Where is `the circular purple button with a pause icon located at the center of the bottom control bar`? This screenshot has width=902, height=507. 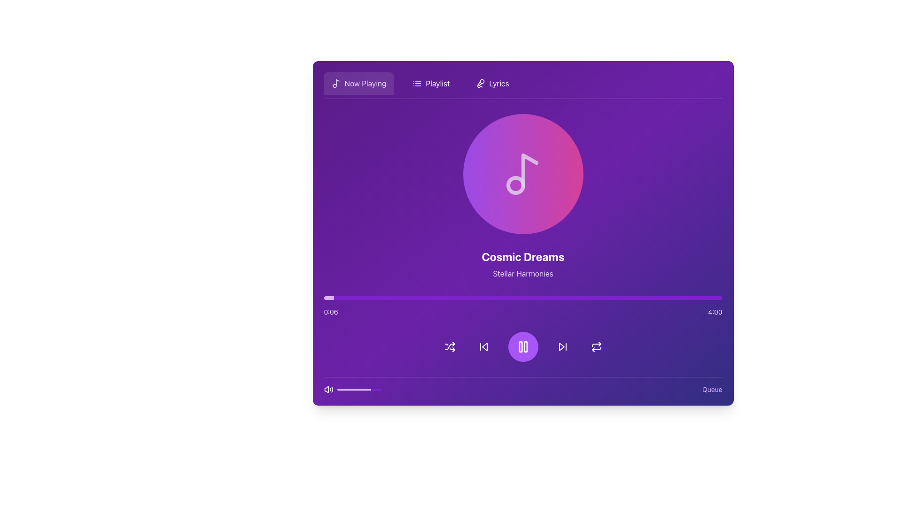 the circular purple button with a pause icon located at the center of the bottom control bar is located at coordinates (522, 347).